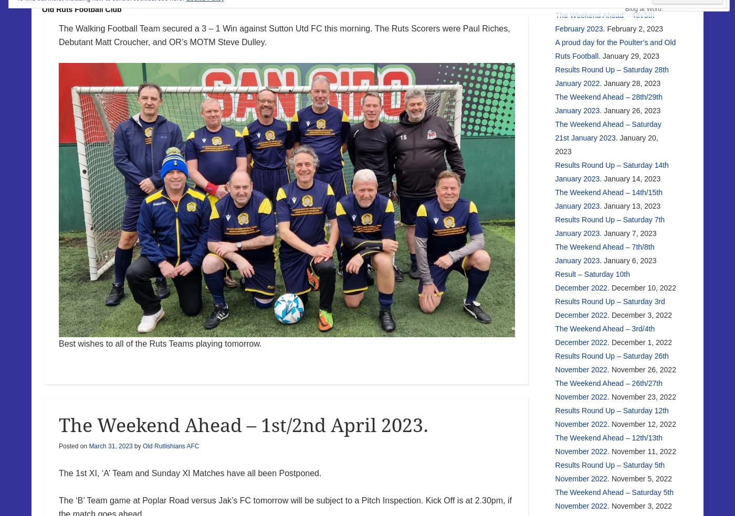  Describe the element at coordinates (629, 232) in the screenshot. I see `'January 7, 2023'` at that location.